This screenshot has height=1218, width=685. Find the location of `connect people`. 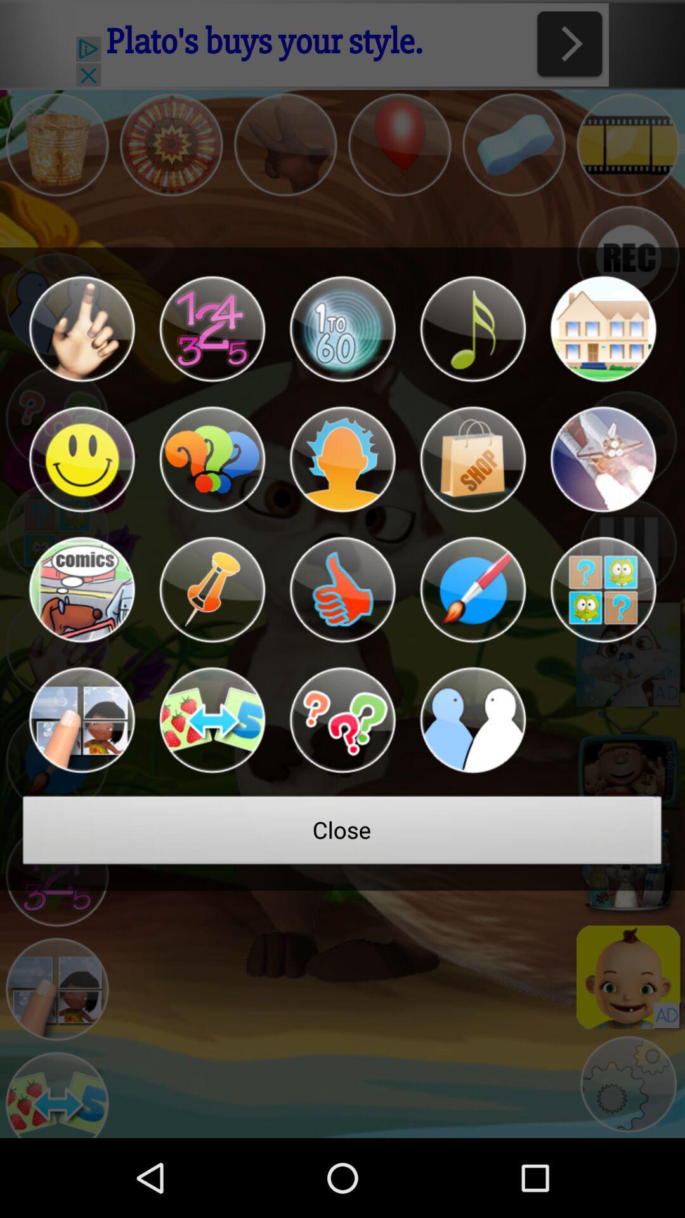

connect people is located at coordinates (473, 720).